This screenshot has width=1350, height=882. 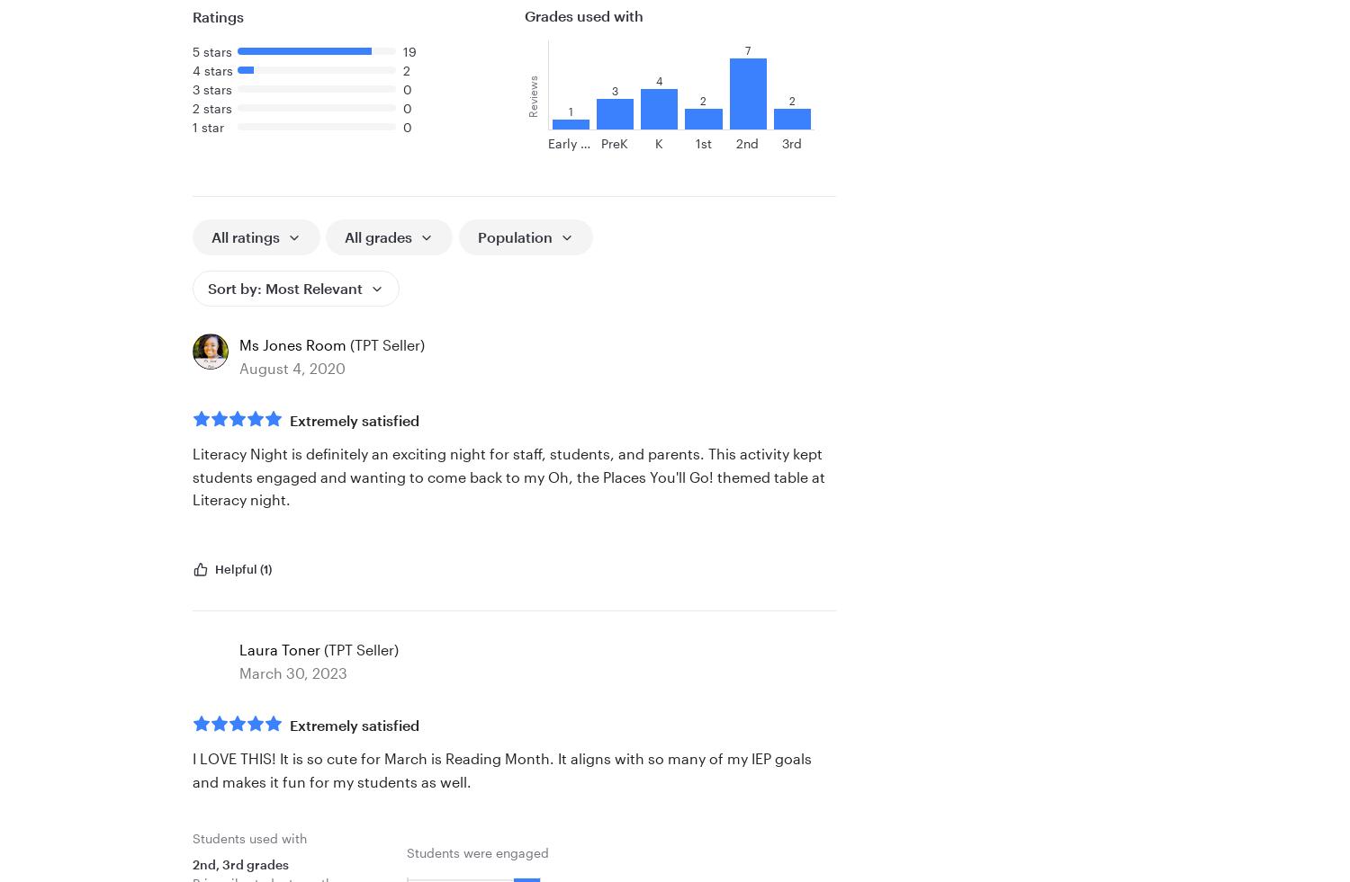 What do you see at coordinates (657, 142) in the screenshot?
I see `'K'` at bounding box center [657, 142].